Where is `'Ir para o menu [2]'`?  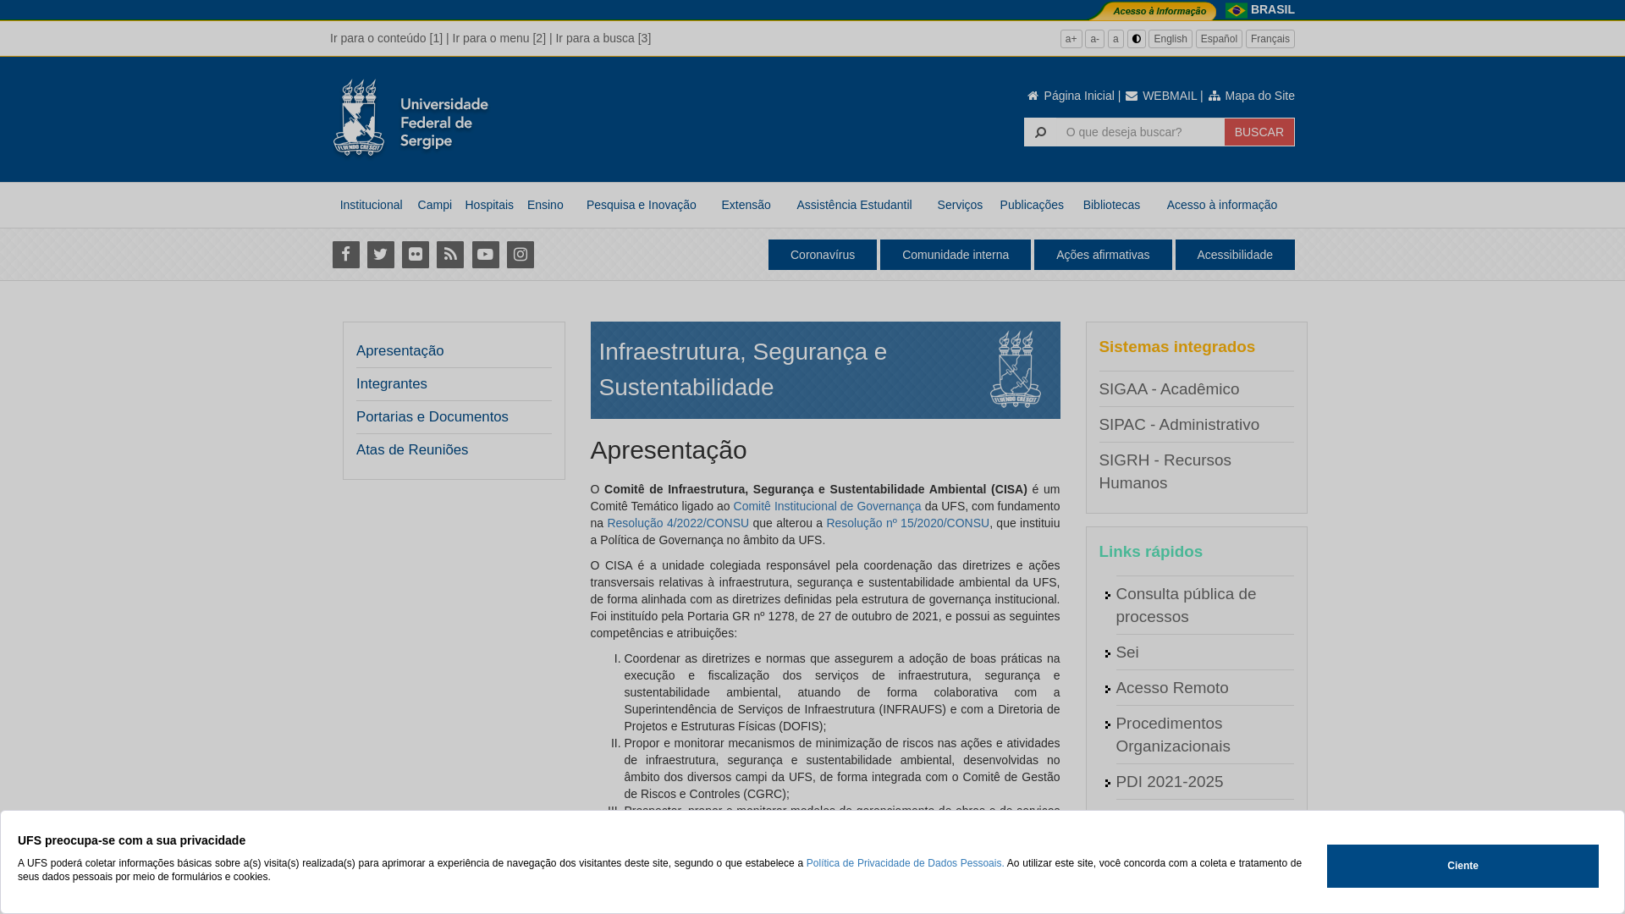
'Ir para o menu [2]' is located at coordinates (452, 38).